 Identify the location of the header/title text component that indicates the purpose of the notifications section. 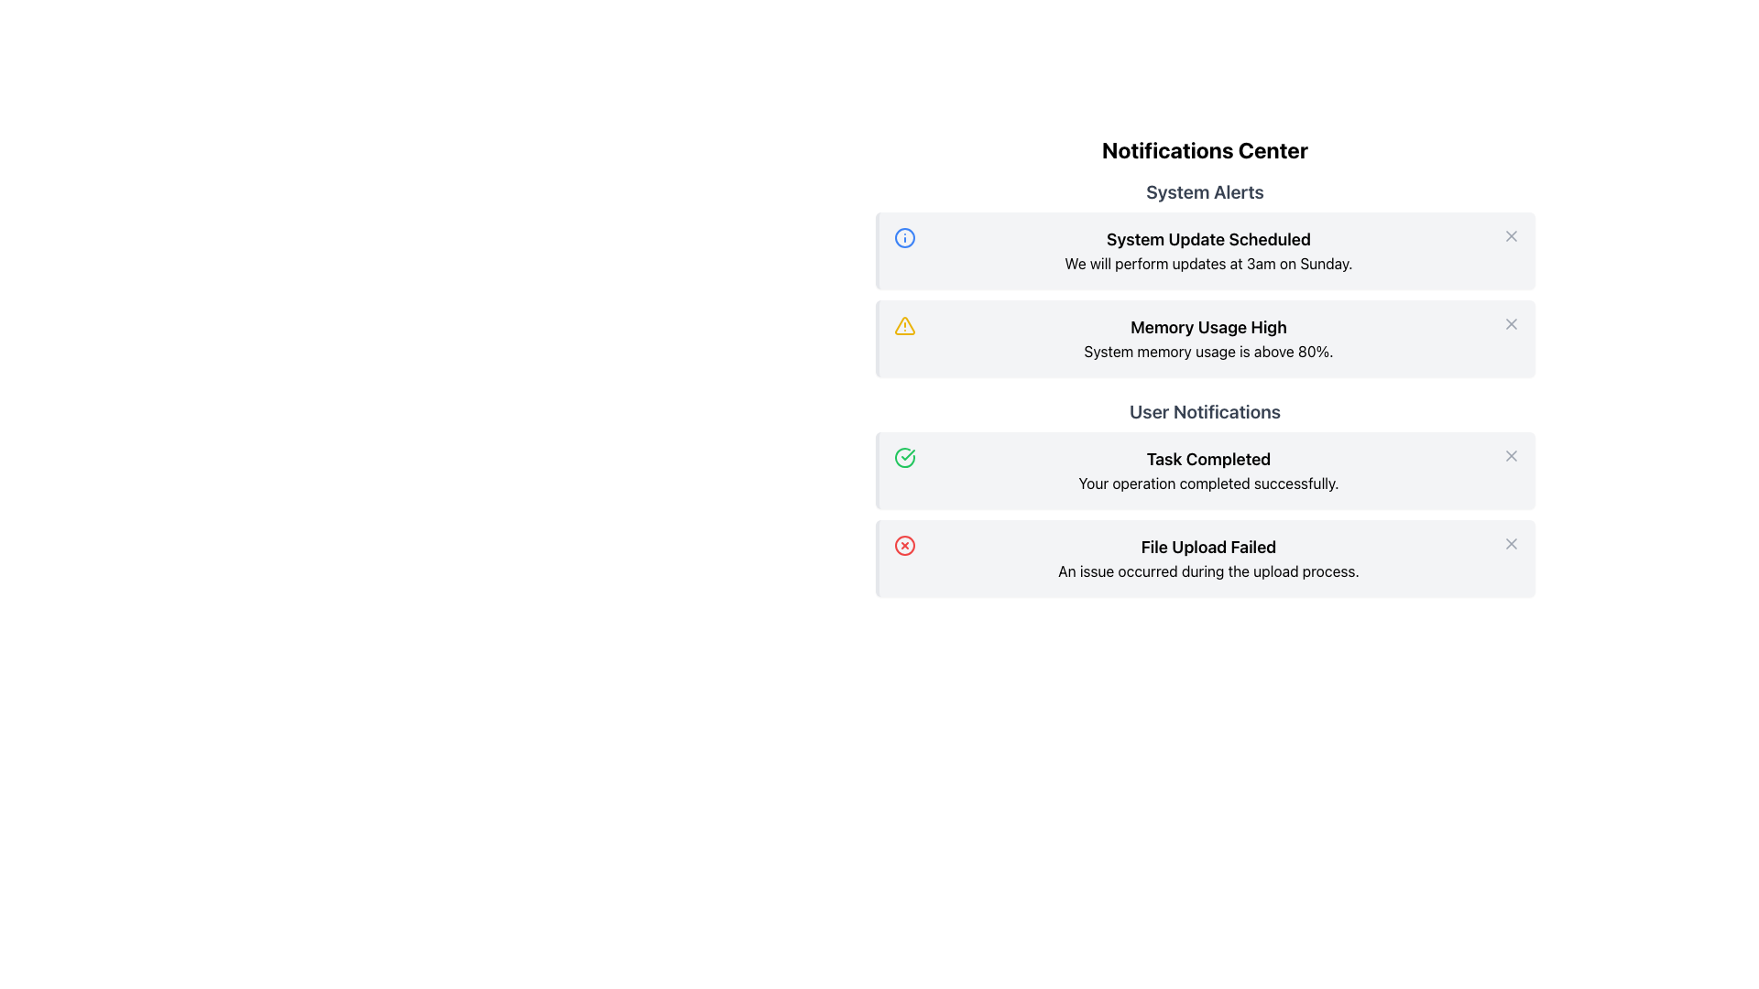
(1205, 149).